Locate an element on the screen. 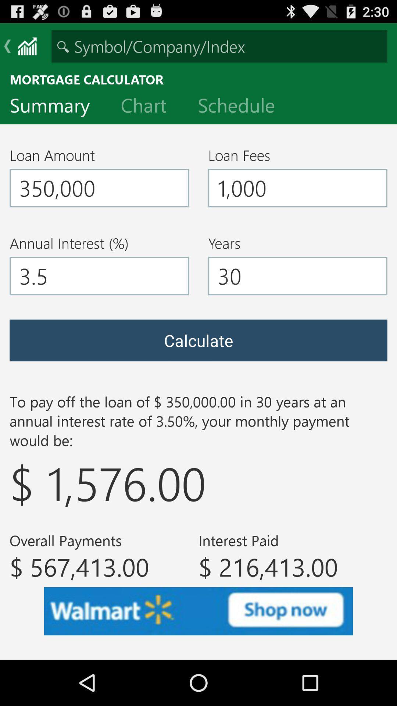 Image resolution: width=397 pixels, height=706 pixels. the summary is located at coordinates (55, 107).